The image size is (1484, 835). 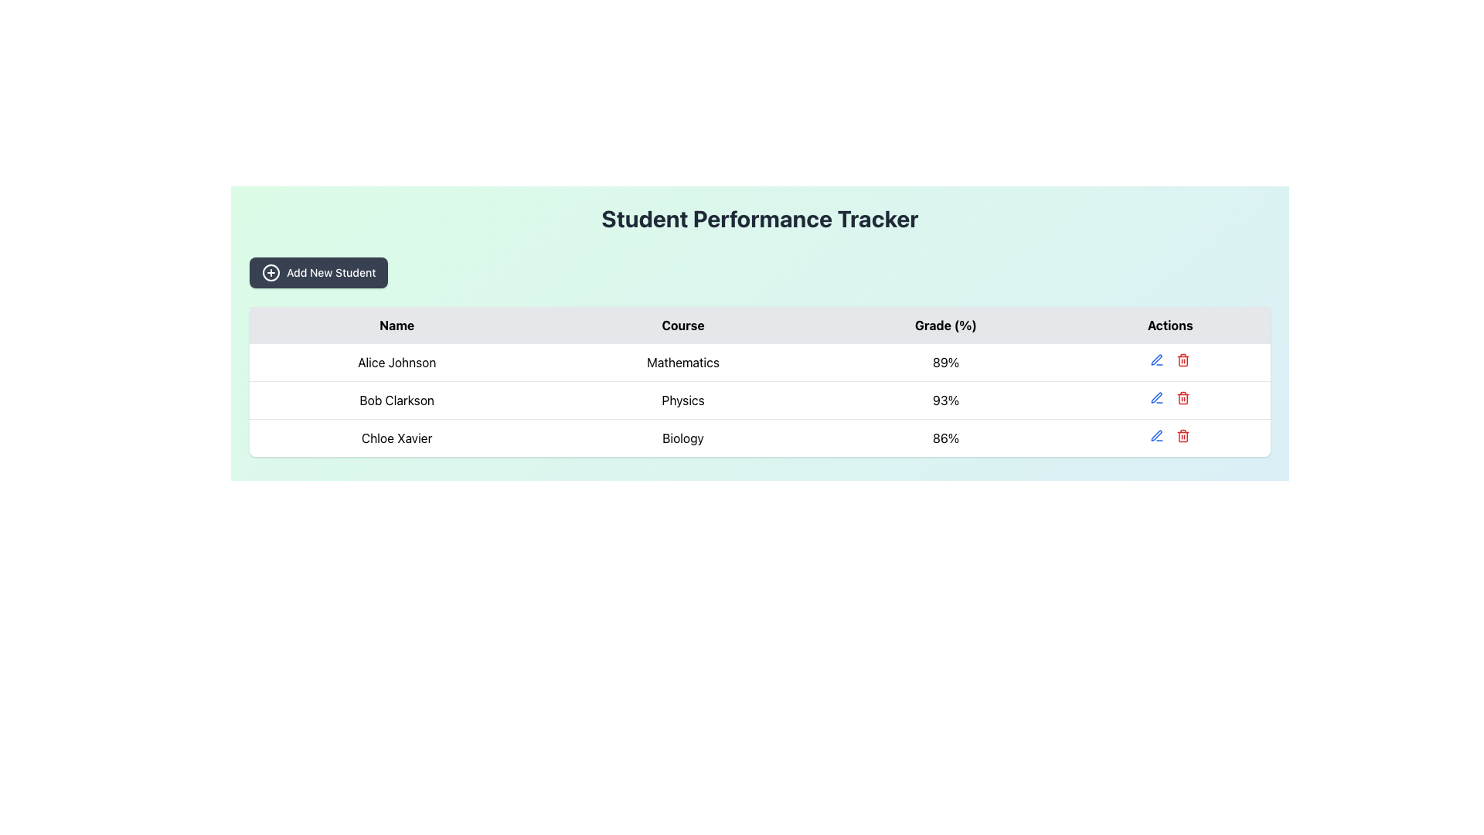 I want to click on the text label displaying '93%' that is centrally aligned in the third column of the second row of the table, adjacent to 'Physics' and part of the row labeled with 'Bob Clarkson', so click(x=945, y=399).